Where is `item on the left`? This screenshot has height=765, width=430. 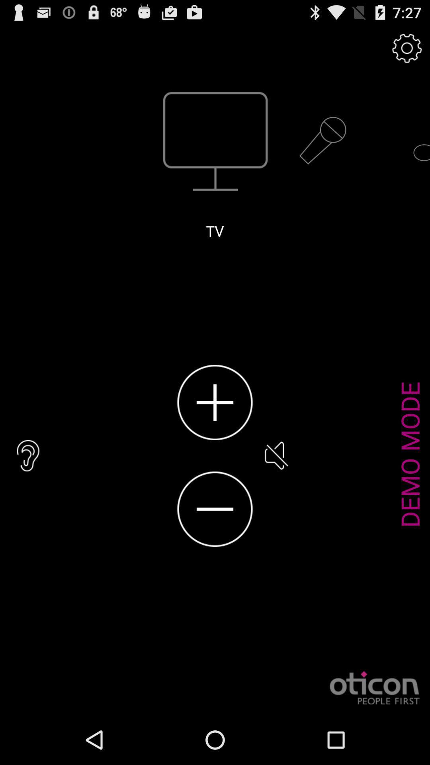 item on the left is located at coordinates (28, 455).